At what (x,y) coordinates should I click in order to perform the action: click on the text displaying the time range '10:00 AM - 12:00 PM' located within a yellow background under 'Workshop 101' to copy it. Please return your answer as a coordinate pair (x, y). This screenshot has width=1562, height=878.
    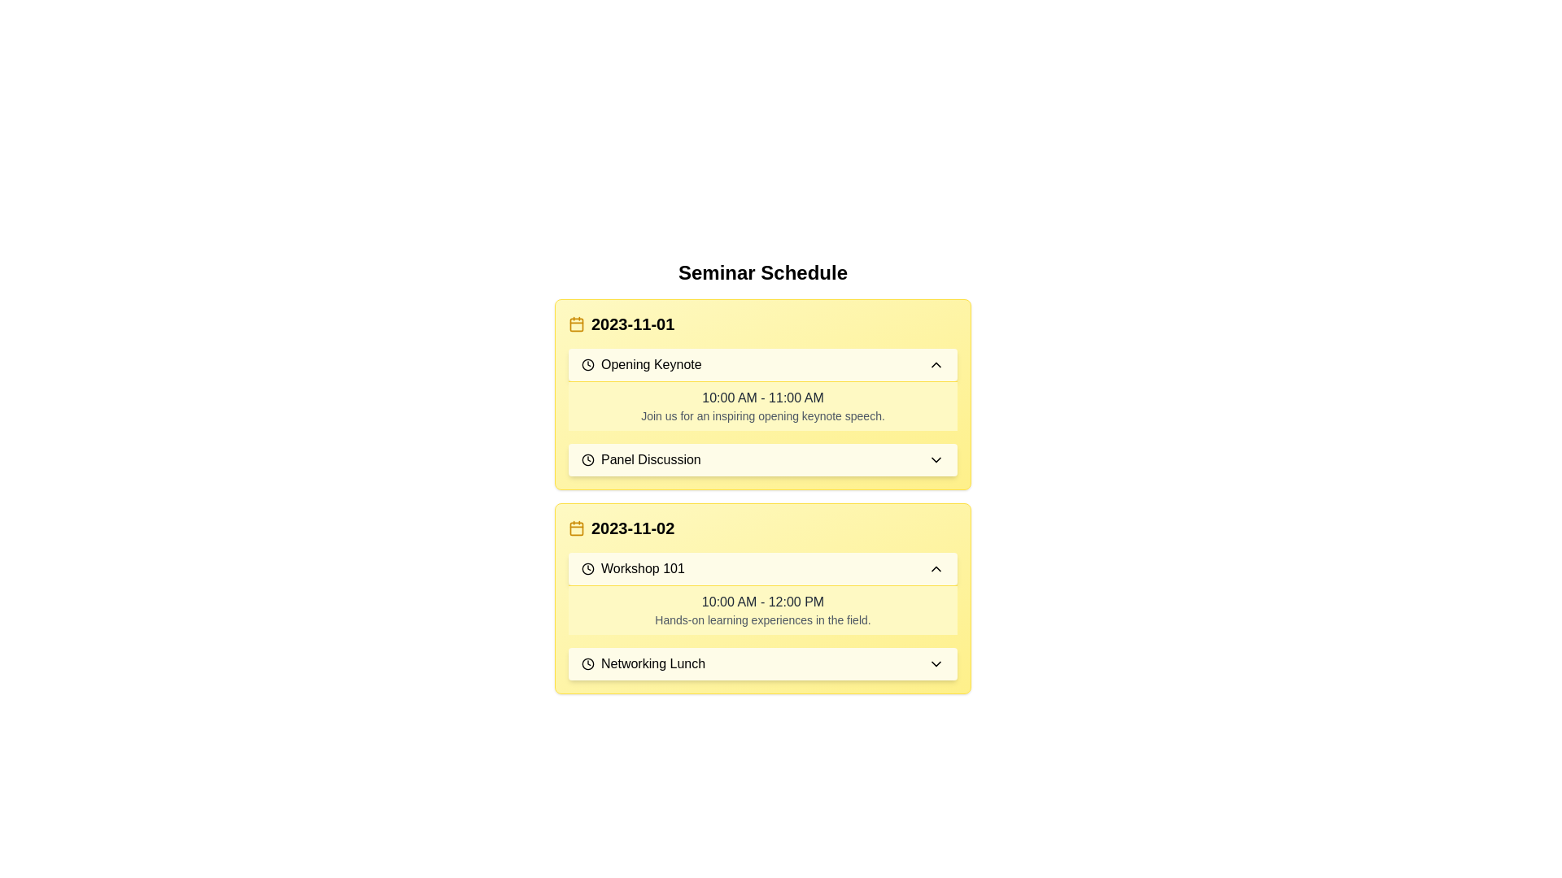
    Looking at the image, I should click on (761, 602).